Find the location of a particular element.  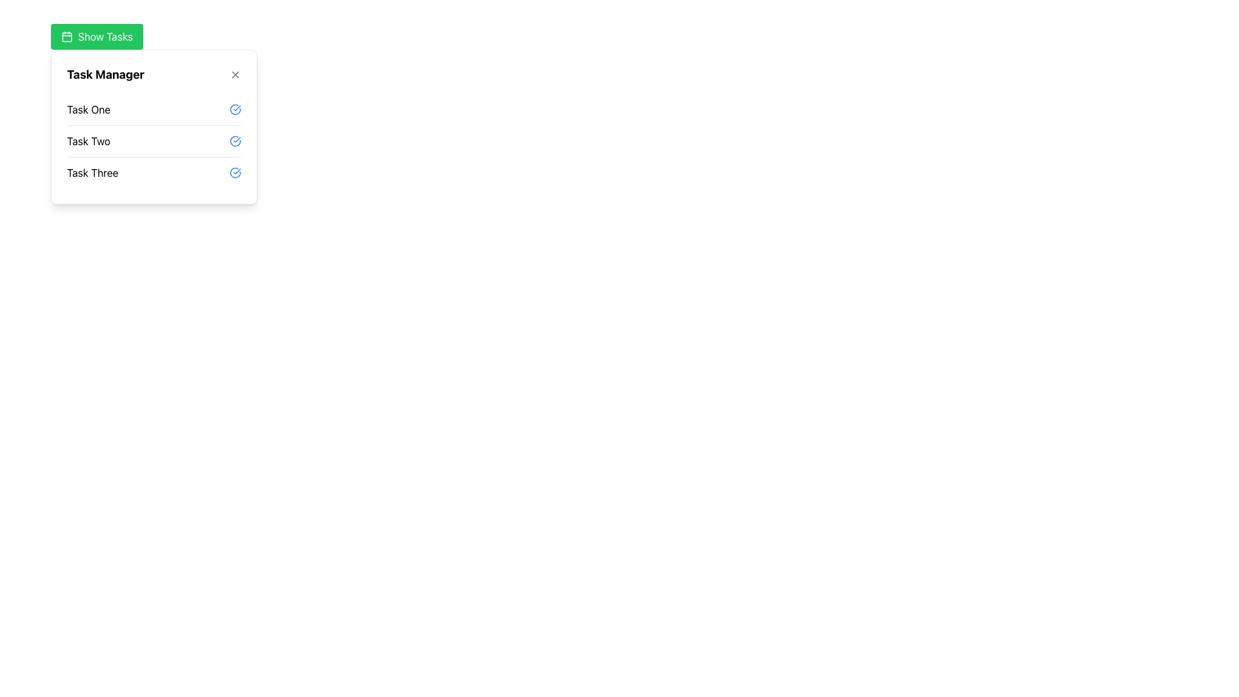

the second task item in the task management system is located at coordinates (154, 126).